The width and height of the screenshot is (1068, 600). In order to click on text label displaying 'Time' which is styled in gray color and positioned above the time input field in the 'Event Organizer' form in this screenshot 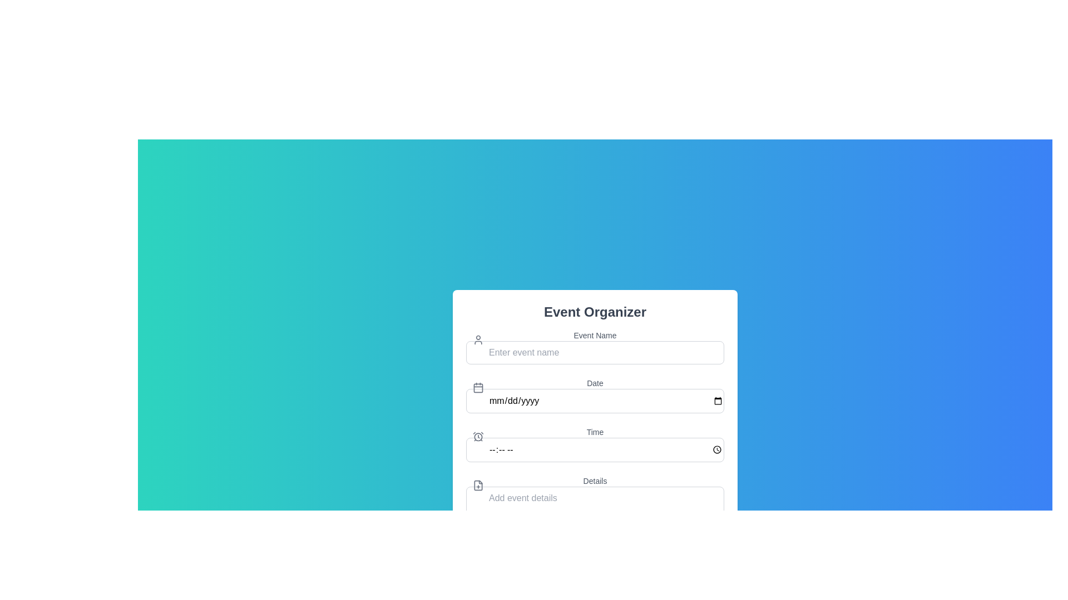, I will do `click(595, 431)`.